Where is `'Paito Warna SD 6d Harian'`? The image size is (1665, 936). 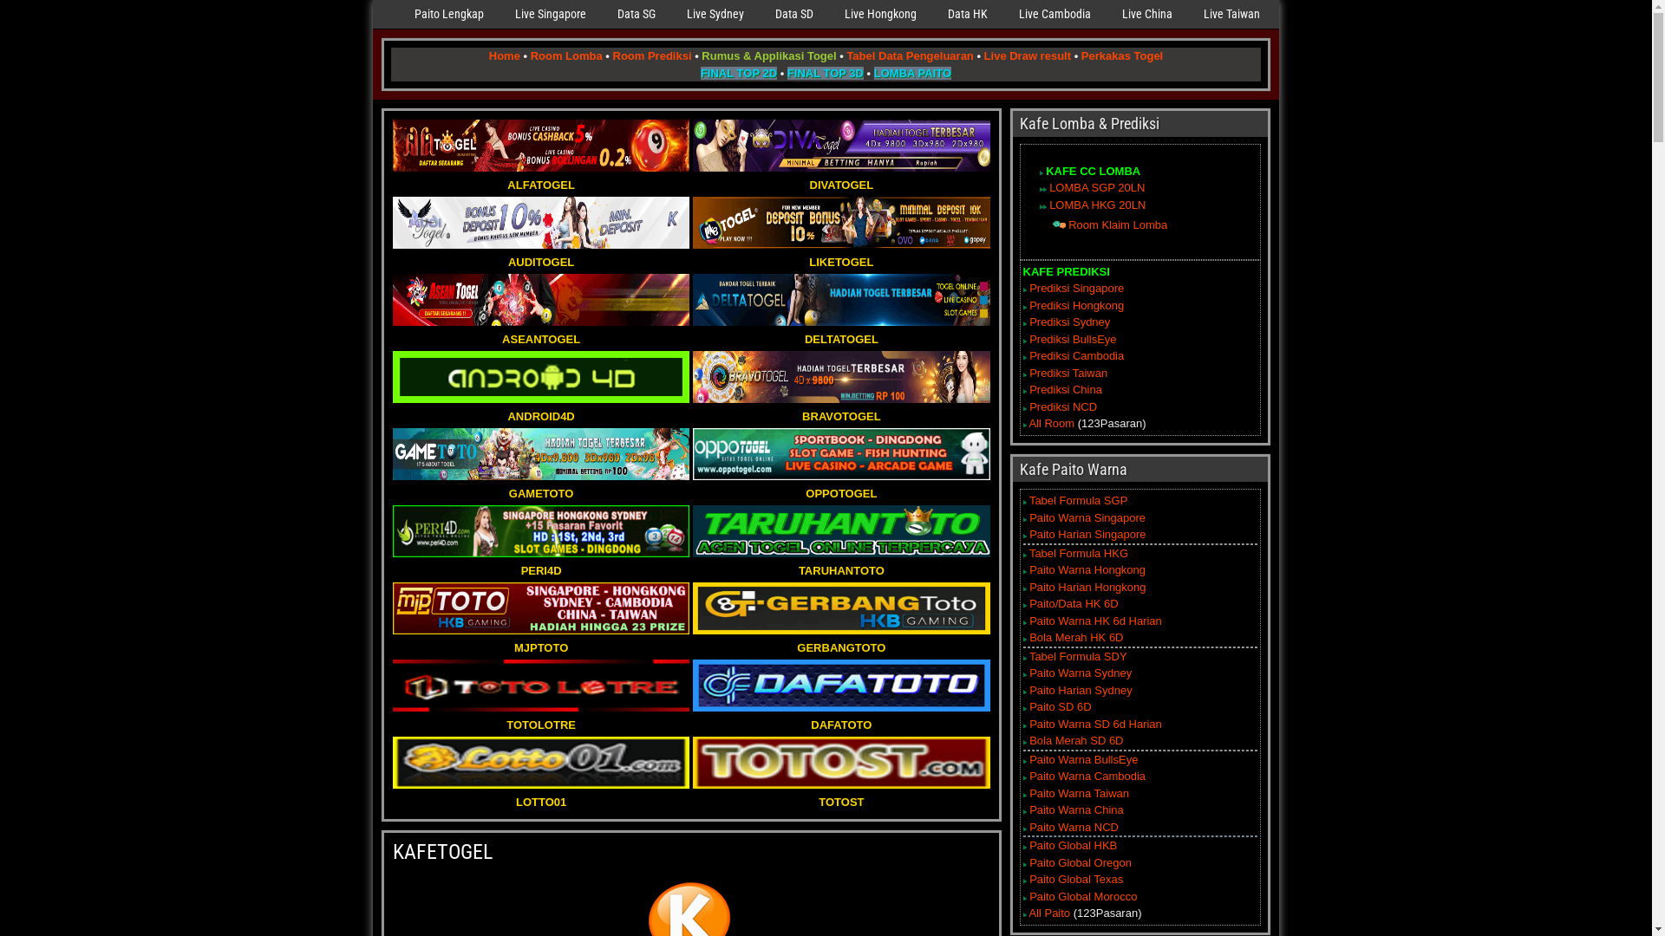 'Paito Warna SD 6d Harian' is located at coordinates (1094, 724).